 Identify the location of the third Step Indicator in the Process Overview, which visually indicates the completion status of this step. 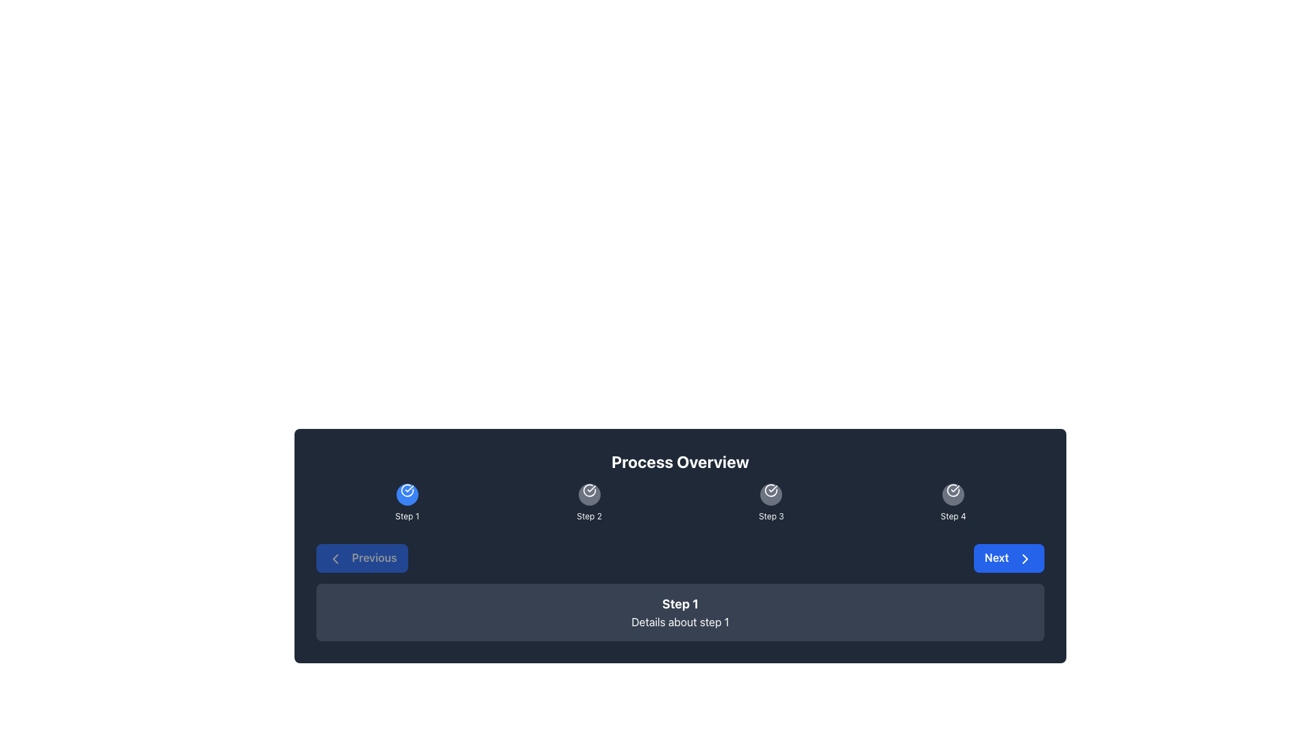
(771, 502).